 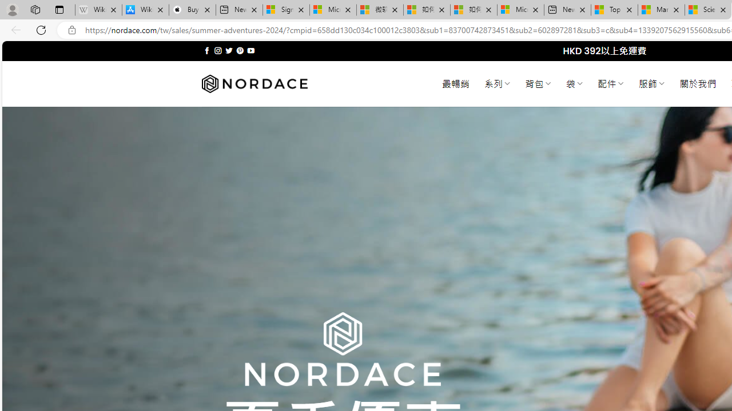 What do you see at coordinates (250, 50) in the screenshot?
I see `'Follow on YouTube'` at bounding box center [250, 50].